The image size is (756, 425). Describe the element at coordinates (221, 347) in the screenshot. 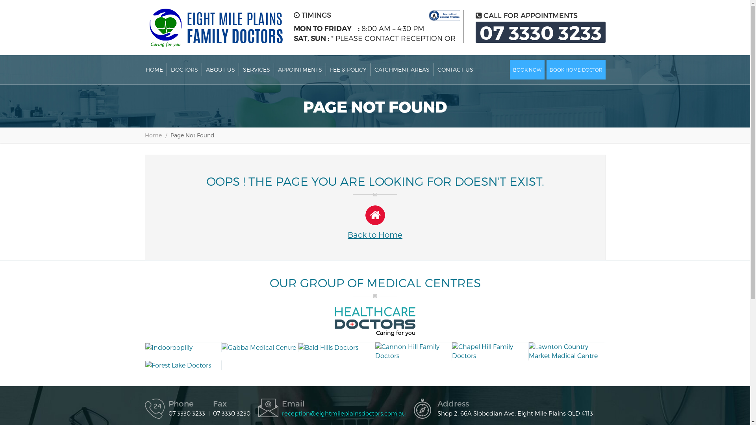

I see `'Gabba Medical Centre'` at that location.